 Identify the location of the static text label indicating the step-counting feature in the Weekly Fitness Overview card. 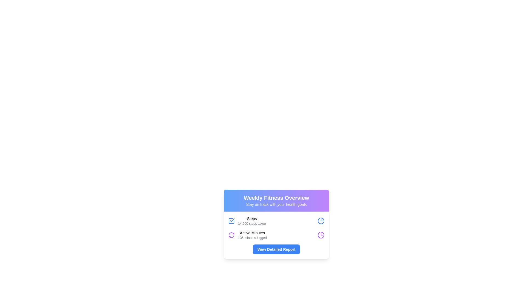
(251, 218).